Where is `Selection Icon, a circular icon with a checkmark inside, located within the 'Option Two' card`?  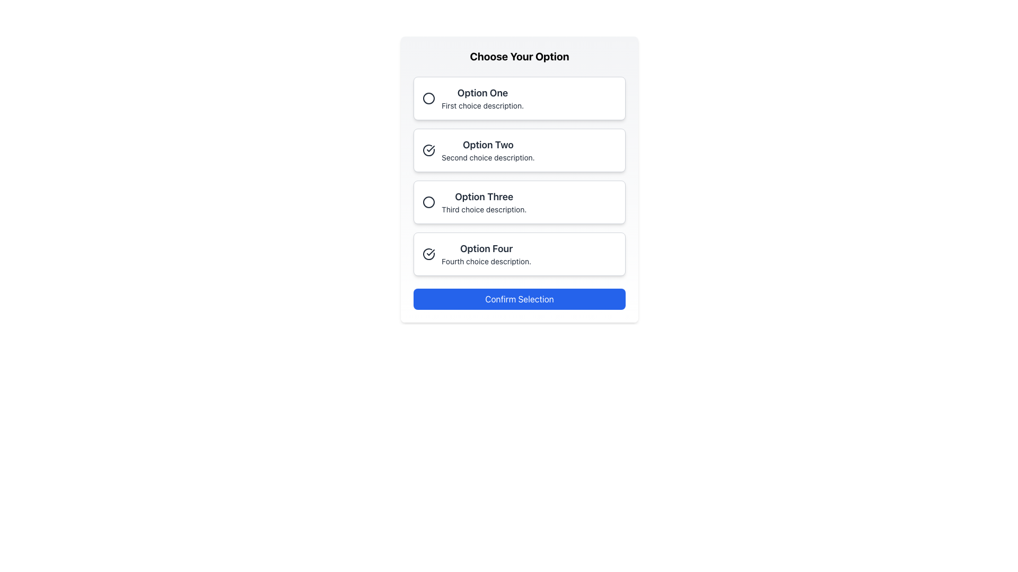
Selection Icon, a circular icon with a checkmark inside, located within the 'Option Two' card is located at coordinates (429, 150).